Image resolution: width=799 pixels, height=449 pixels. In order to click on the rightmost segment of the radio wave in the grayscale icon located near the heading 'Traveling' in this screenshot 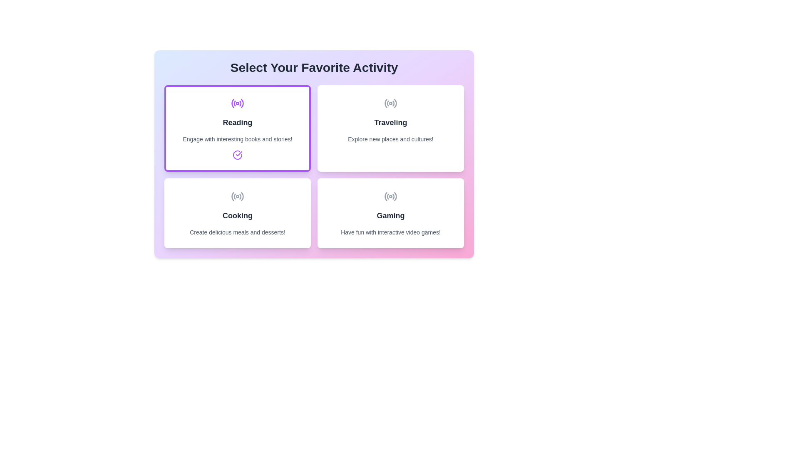, I will do `click(395, 103)`.